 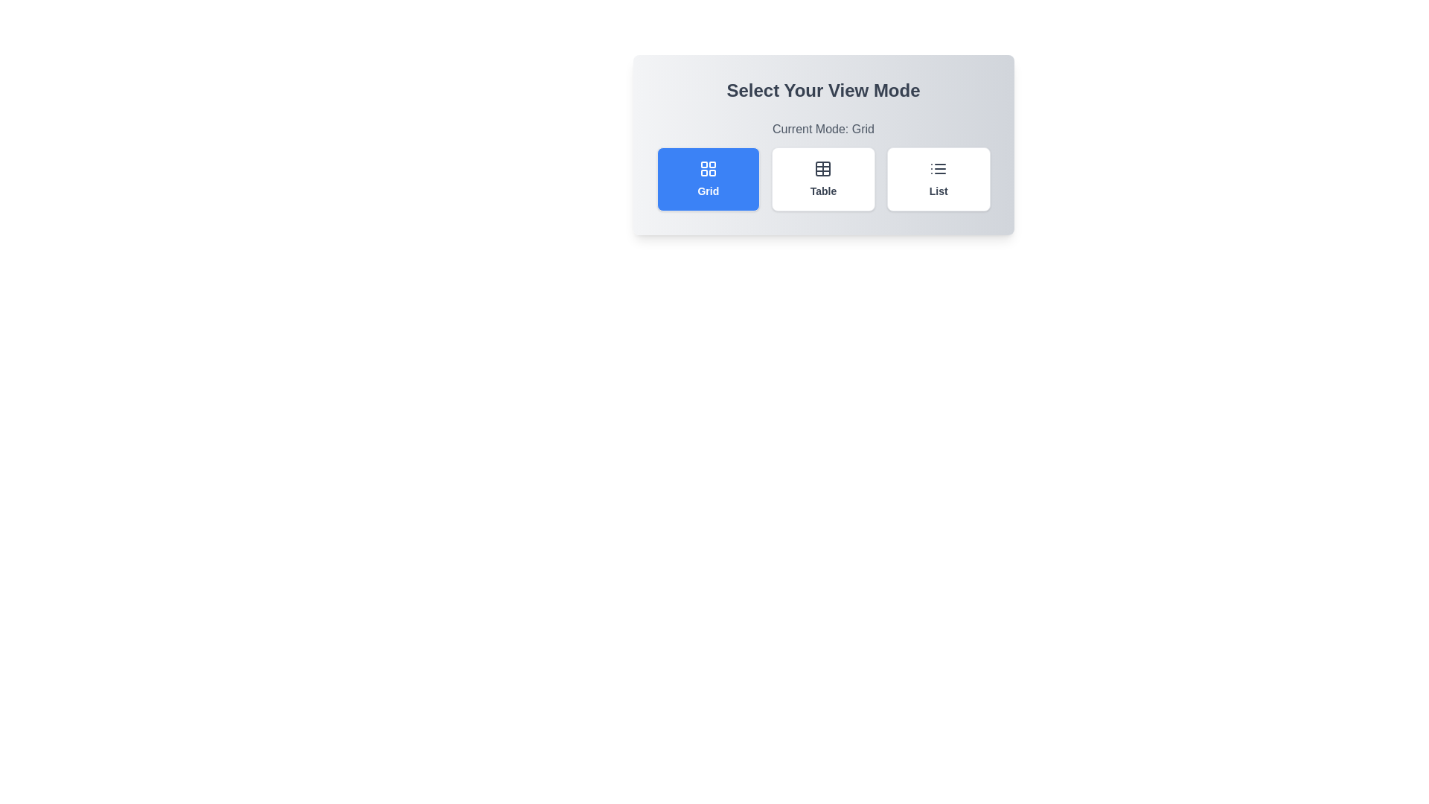 What do you see at coordinates (707, 168) in the screenshot?
I see `the grid icon located in the top-left corner of the blue 'Grid' button` at bounding box center [707, 168].